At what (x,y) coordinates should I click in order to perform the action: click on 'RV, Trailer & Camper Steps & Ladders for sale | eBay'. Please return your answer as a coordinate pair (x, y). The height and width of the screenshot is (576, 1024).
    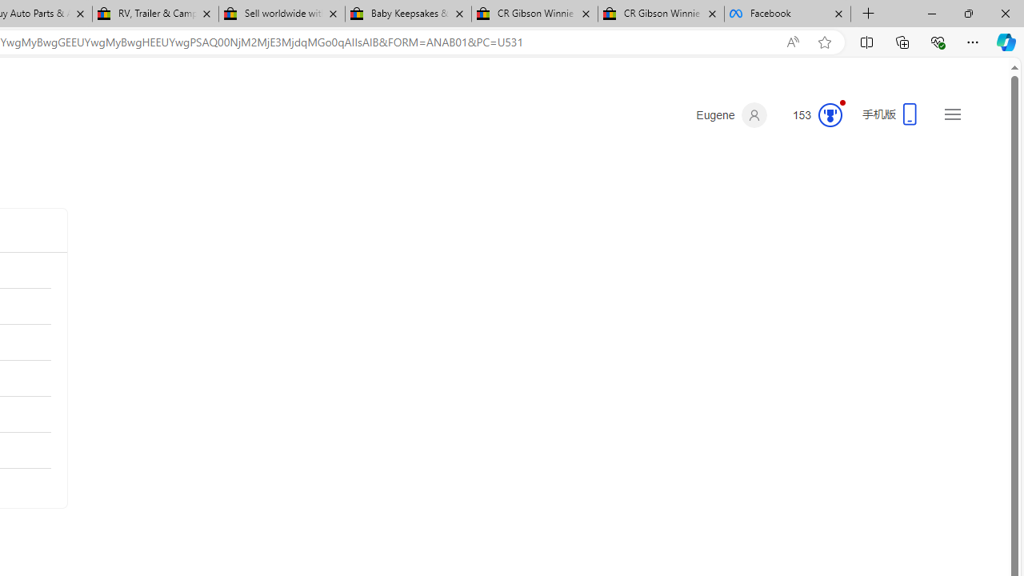
    Looking at the image, I should click on (155, 14).